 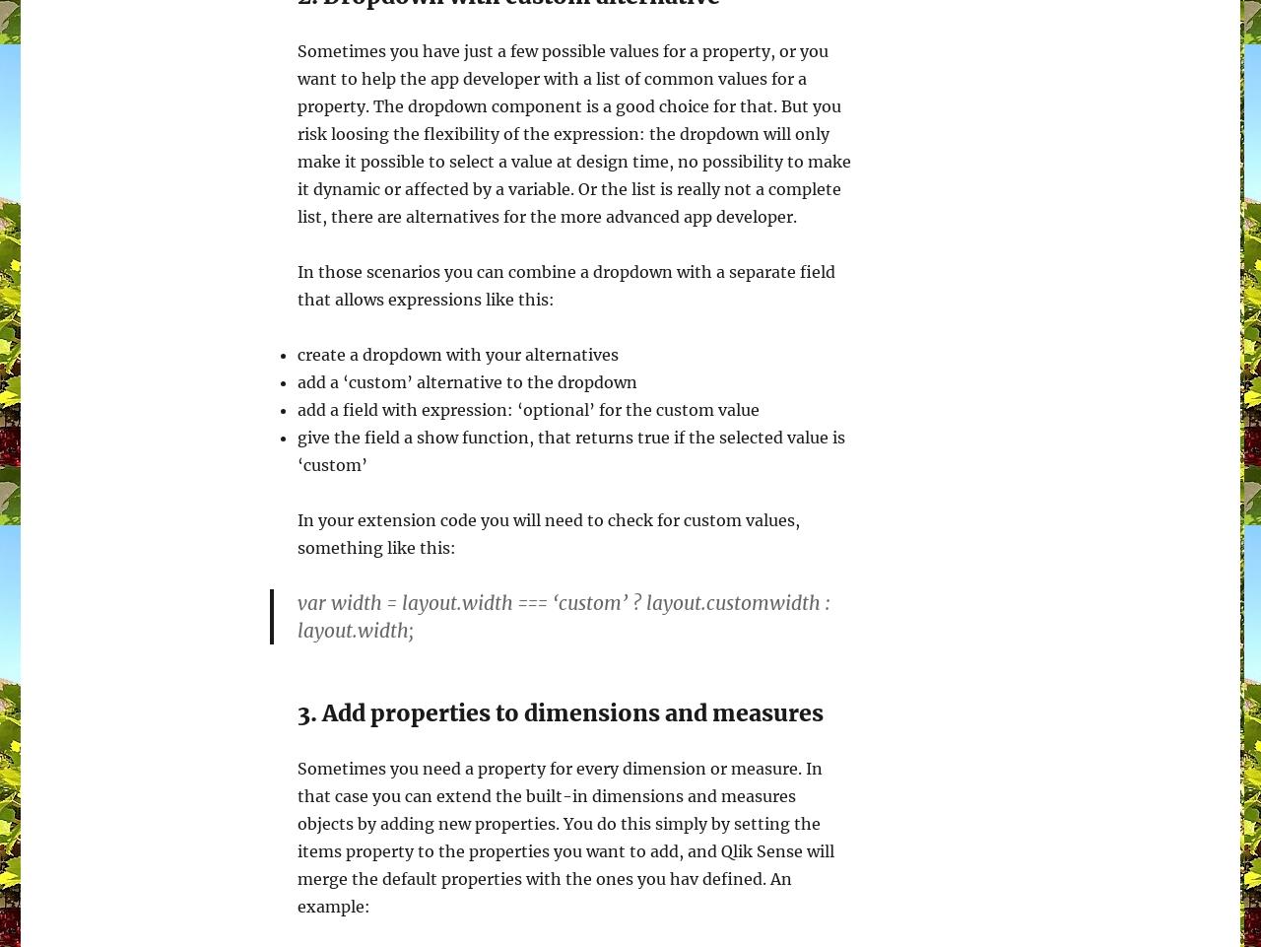 What do you see at coordinates (466, 381) in the screenshot?
I see `'add a ‘custom’ alternative to the dropdown'` at bounding box center [466, 381].